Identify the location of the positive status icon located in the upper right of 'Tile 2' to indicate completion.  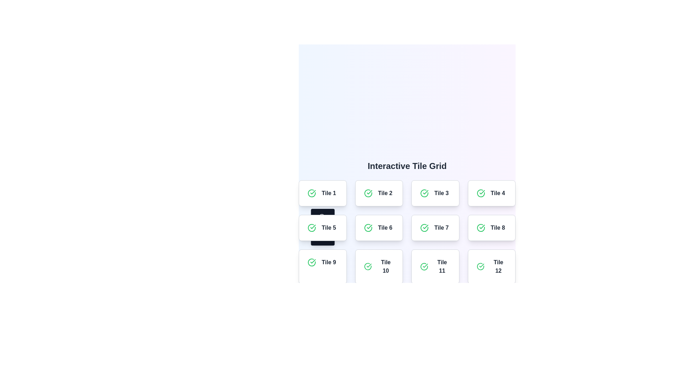
(368, 193).